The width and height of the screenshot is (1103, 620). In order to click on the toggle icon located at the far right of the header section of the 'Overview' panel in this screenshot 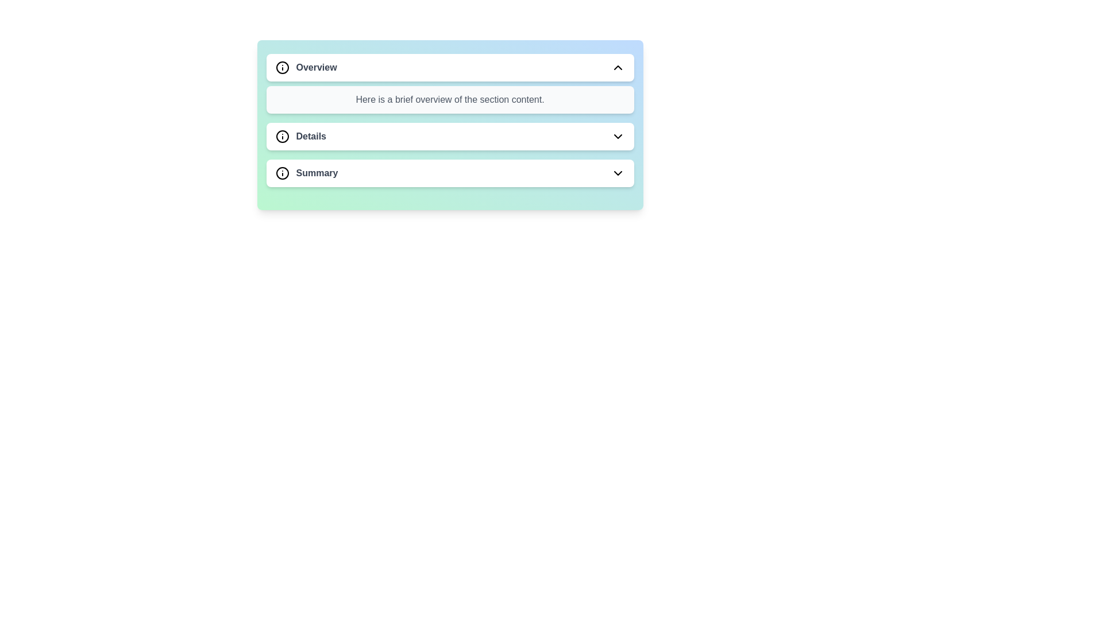, I will do `click(617, 68)`.